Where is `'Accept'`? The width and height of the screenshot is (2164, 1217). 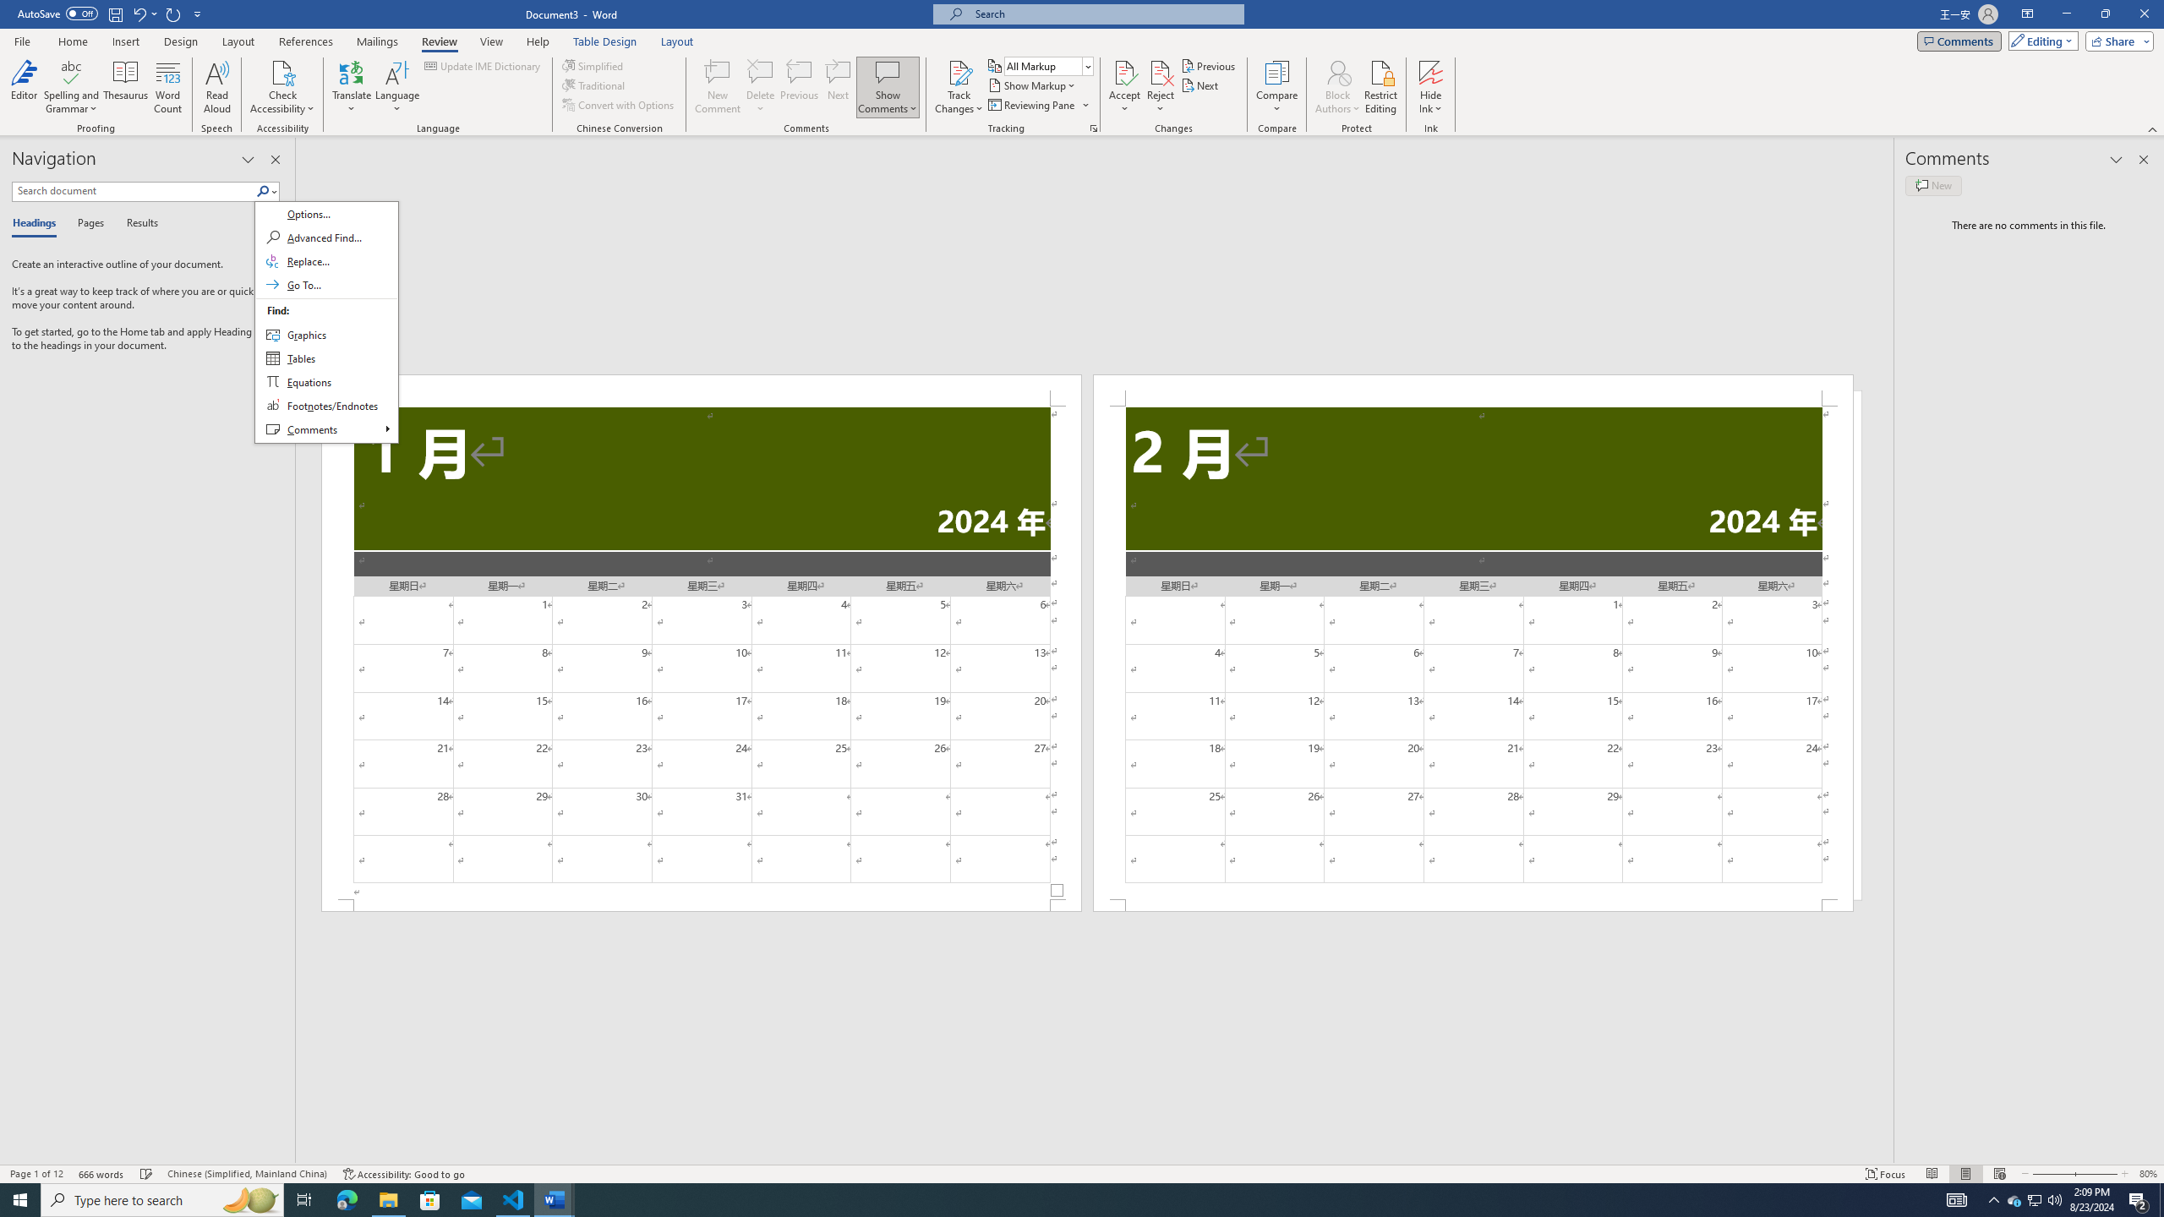
'Accept' is located at coordinates (1124, 87).